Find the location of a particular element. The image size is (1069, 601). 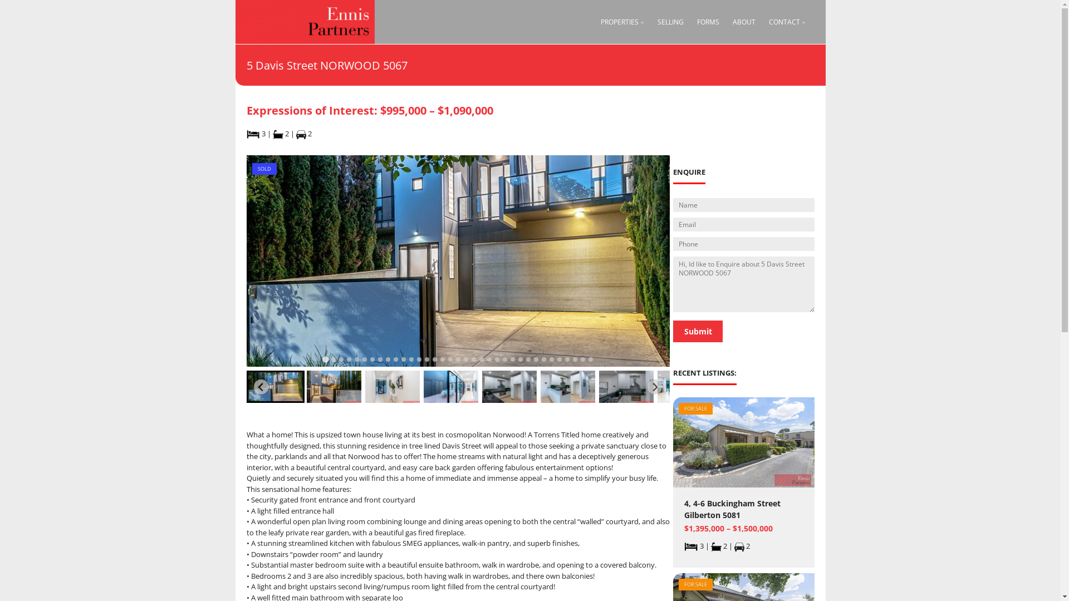

'4, 4-6 Buckingham Street Gilberton 5081' is located at coordinates (743, 509).